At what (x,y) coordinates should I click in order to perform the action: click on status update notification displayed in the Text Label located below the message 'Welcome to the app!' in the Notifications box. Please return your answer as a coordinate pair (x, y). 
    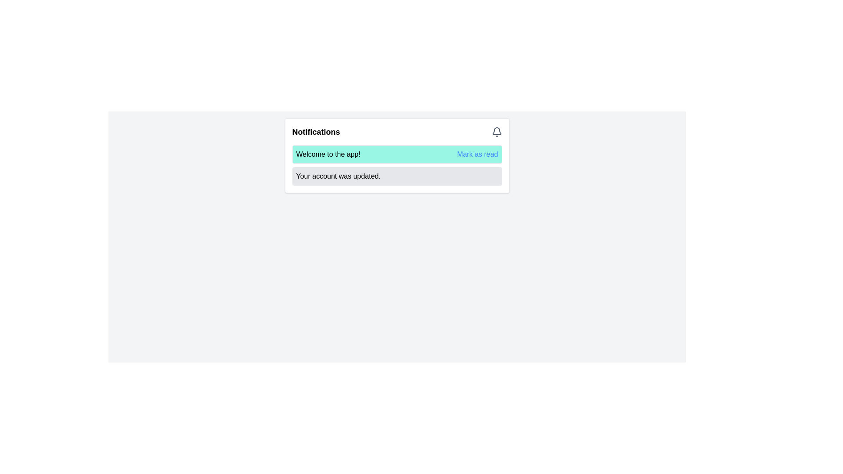
    Looking at the image, I should click on (338, 176).